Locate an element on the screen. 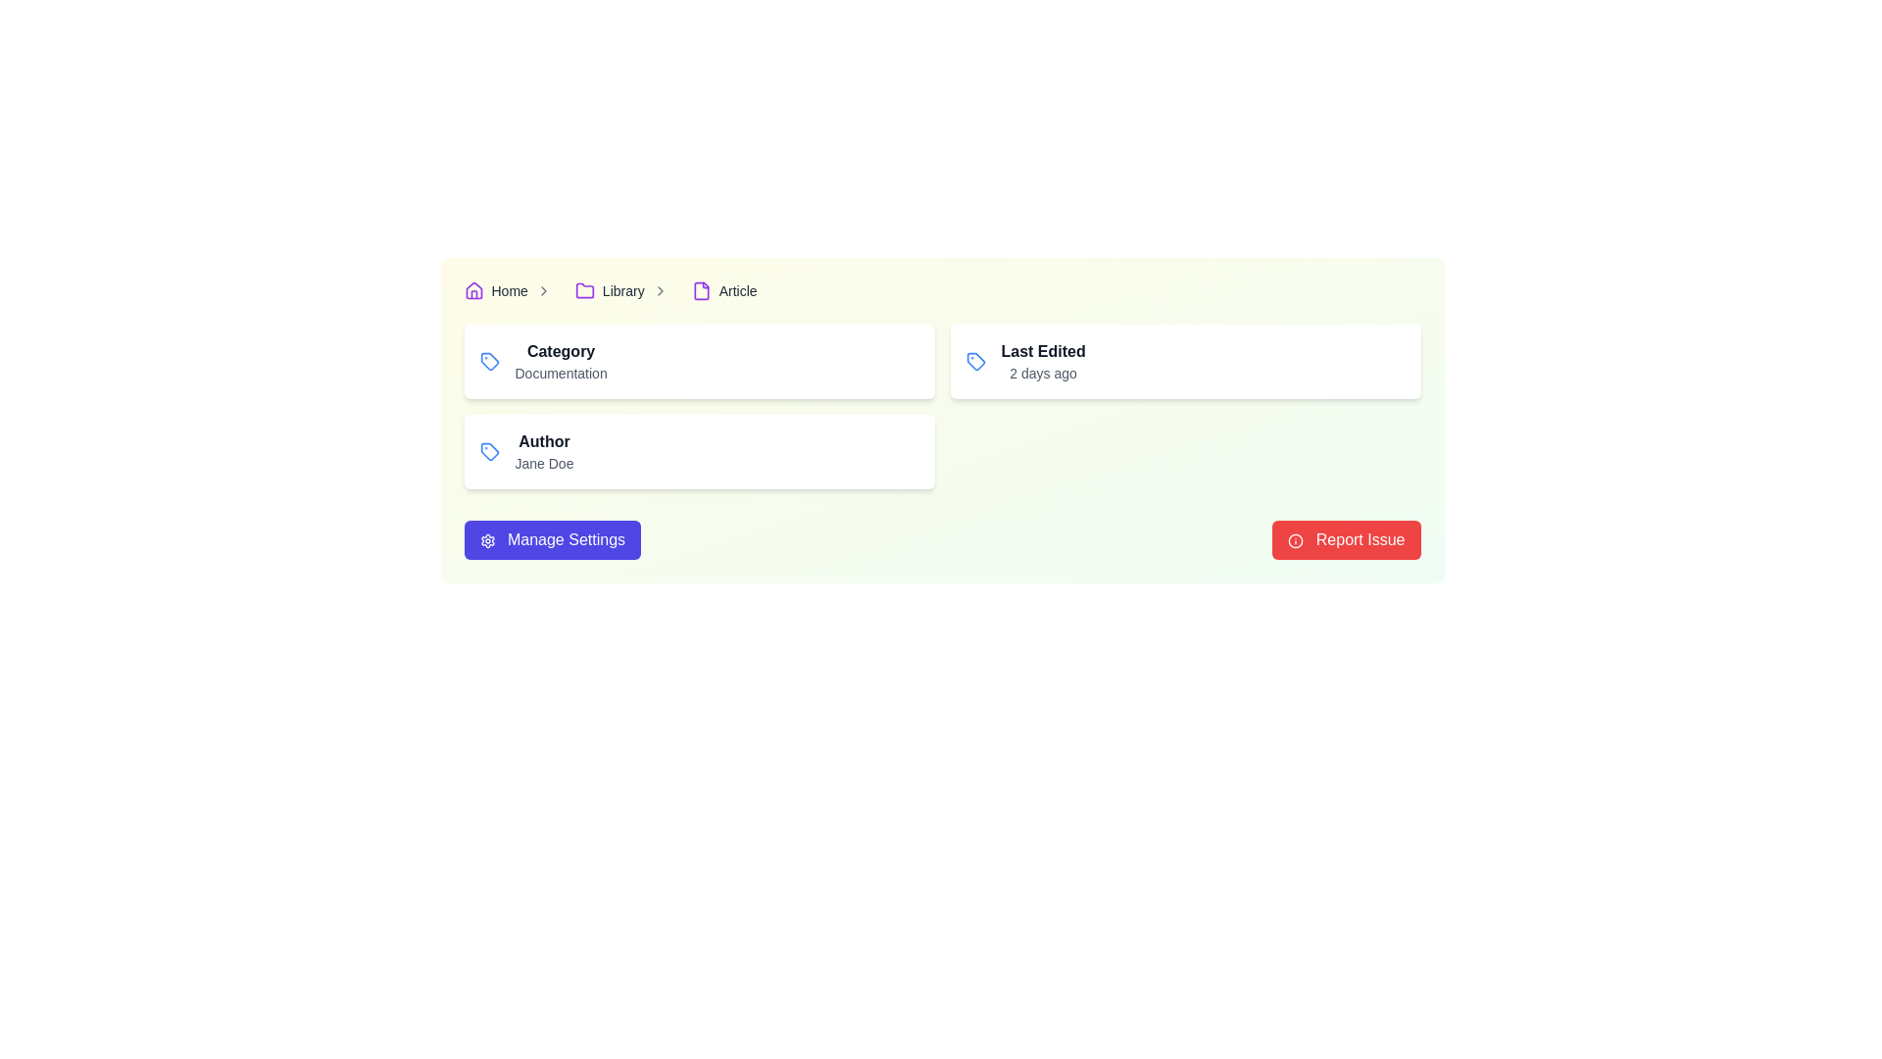 The image size is (1882, 1059). the icon located to the left of the 'Last Edited' text within the rectangular white card in the top right portion of the layout is located at coordinates (975, 362).